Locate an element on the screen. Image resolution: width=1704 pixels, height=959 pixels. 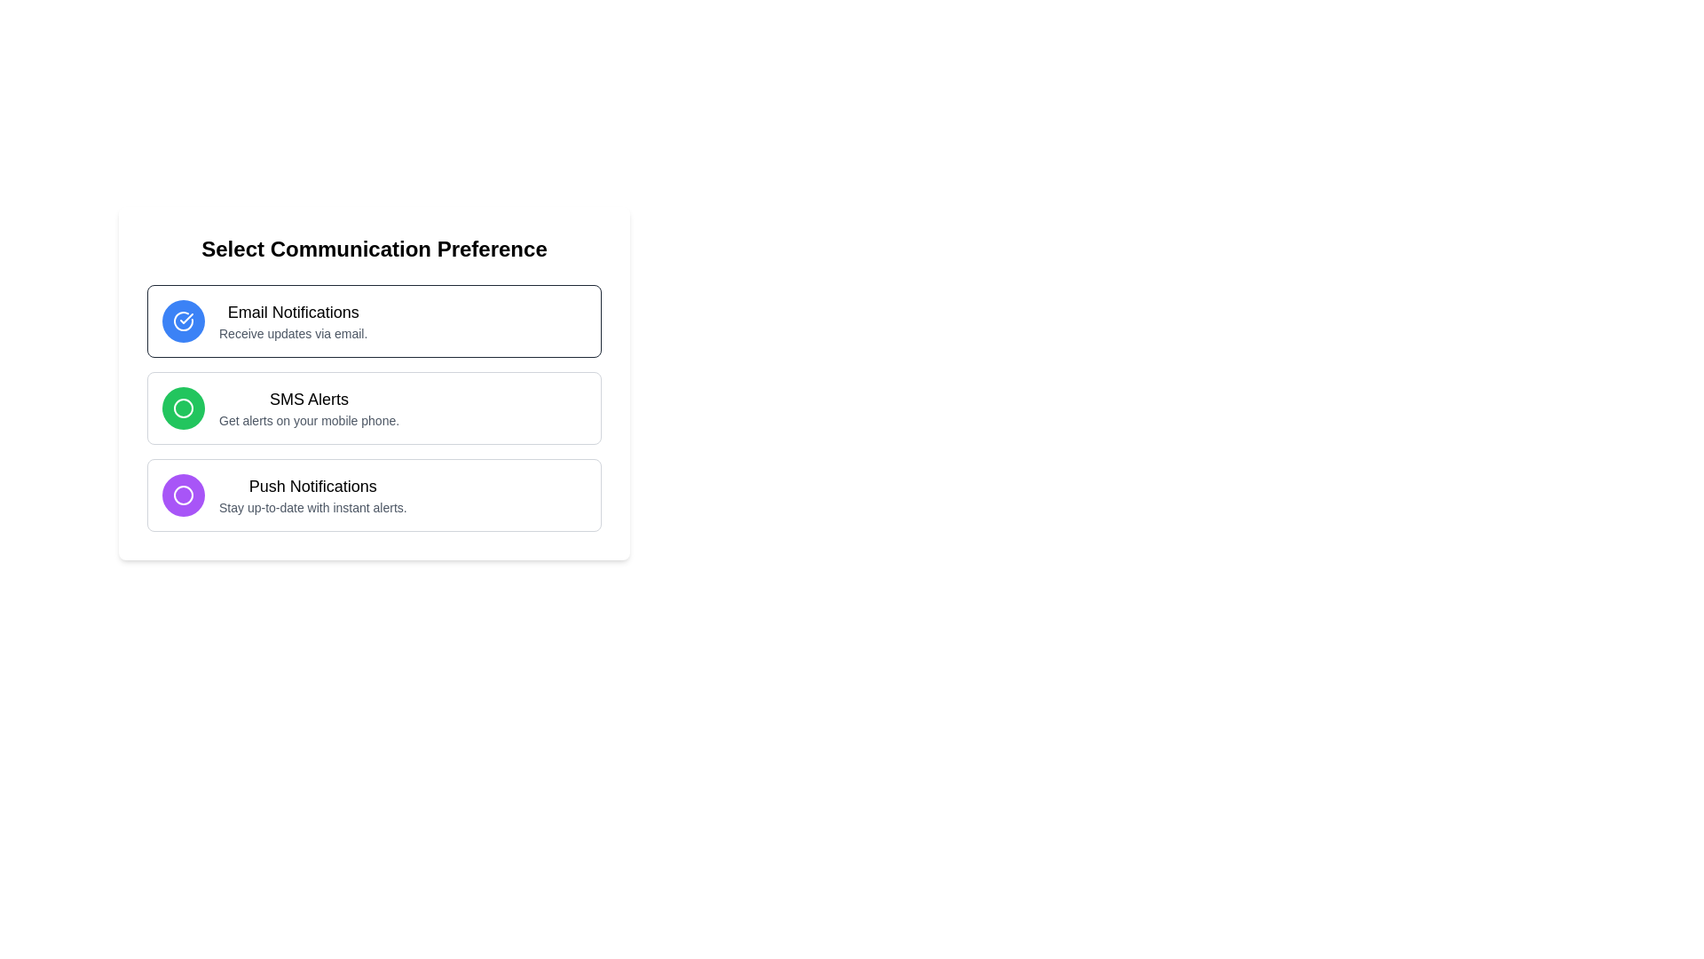
the first circular icon with a blue background and a white checkmark symbol inside, located in the 'Email Notifications' section at the top of the selectable communication options is located at coordinates (183, 321).